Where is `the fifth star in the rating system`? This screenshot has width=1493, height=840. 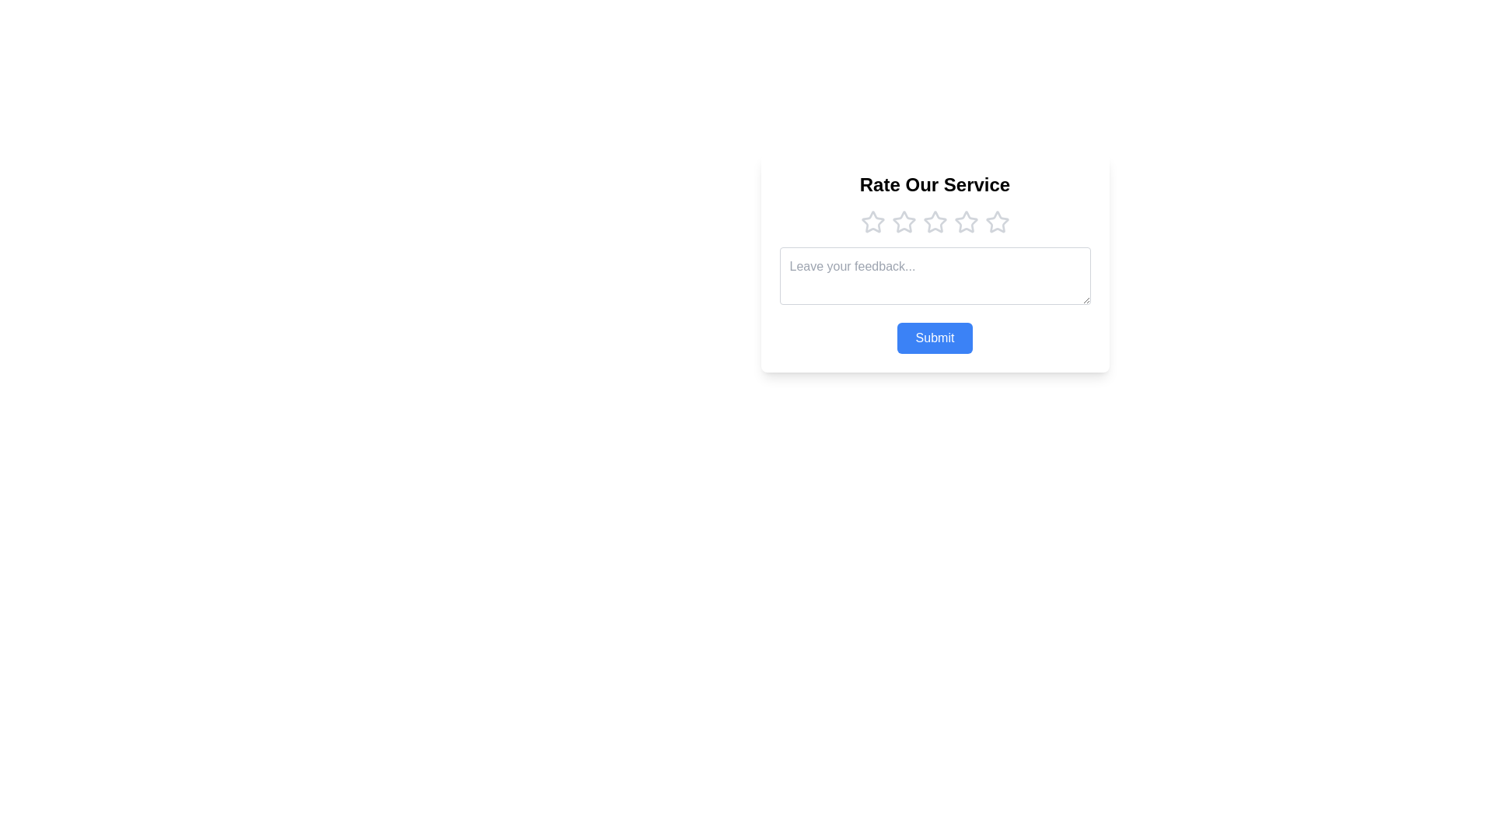 the fifth star in the rating system is located at coordinates (934, 222).